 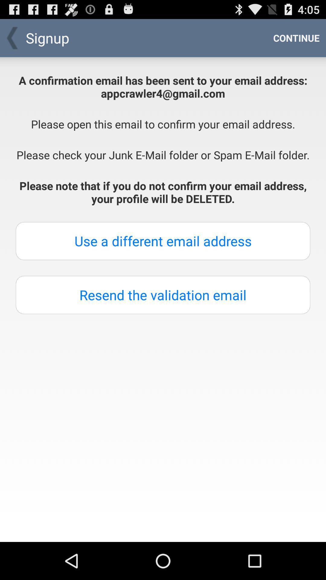 What do you see at coordinates (296, 37) in the screenshot?
I see `item next to the signup item` at bounding box center [296, 37].